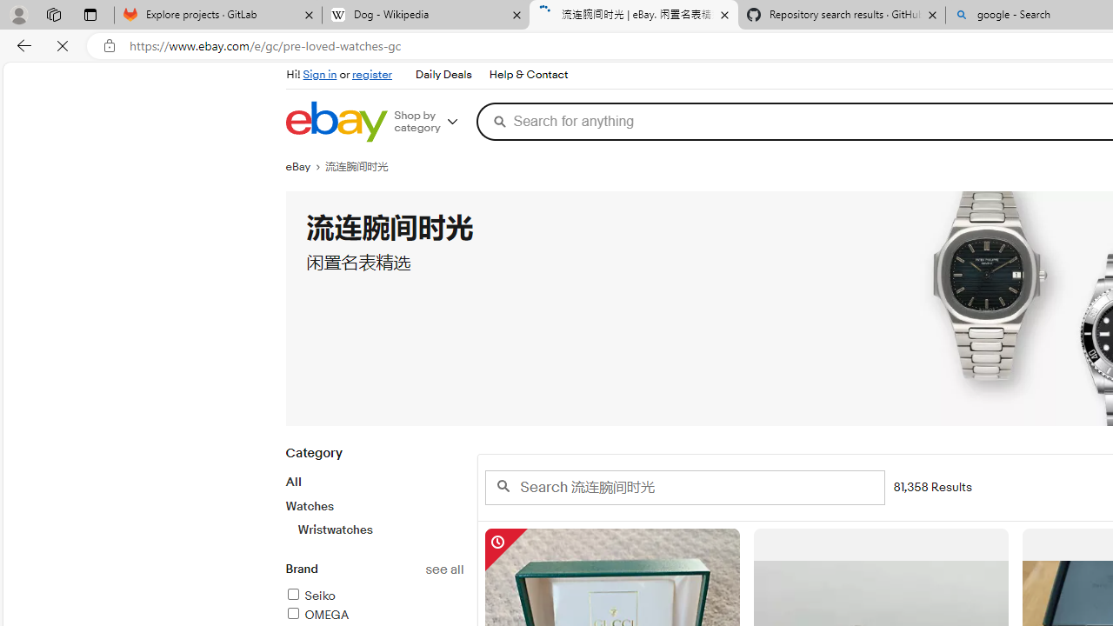 The width and height of the screenshot is (1113, 626). Describe the element at coordinates (320, 74) in the screenshot. I see `'Sign in'` at that location.